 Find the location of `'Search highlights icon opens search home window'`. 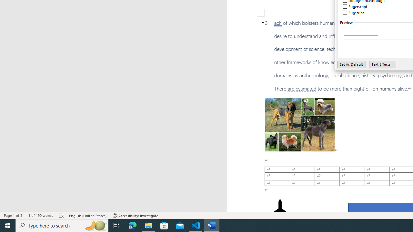

'Search highlights icon opens search home window' is located at coordinates (95, 225).